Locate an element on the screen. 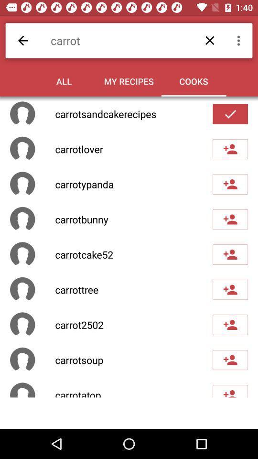 The image size is (258, 459). the item to the left of the carrot is located at coordinates (23, 41).